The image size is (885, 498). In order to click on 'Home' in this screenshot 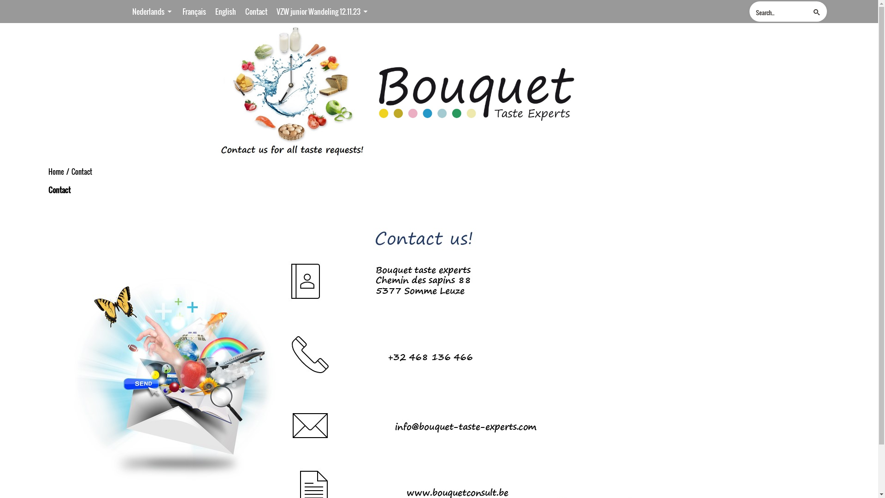, I will do `click(55, 172)`.